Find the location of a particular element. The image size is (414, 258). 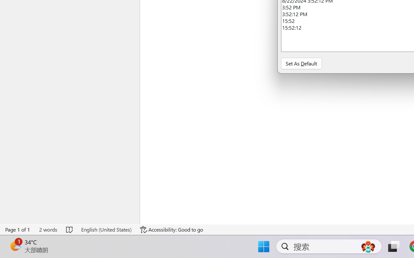

'Spelling and Grammar Check No Errors' is located at coordinates (70, 229).